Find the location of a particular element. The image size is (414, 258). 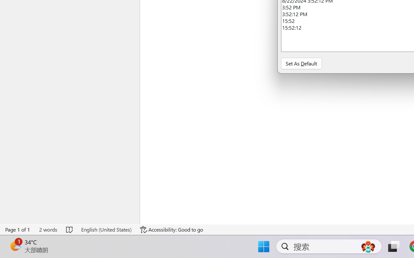

'Spelling and Grammar Check No Errors' is located at coordinates (70, 229).